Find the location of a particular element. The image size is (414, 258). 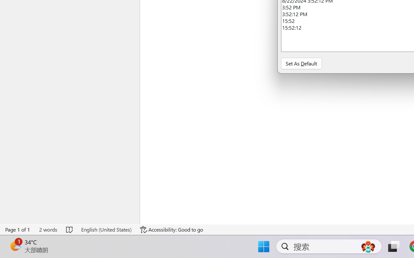

'Spelling and Grammar Check No Errors' is located at coordinates (70, 229).